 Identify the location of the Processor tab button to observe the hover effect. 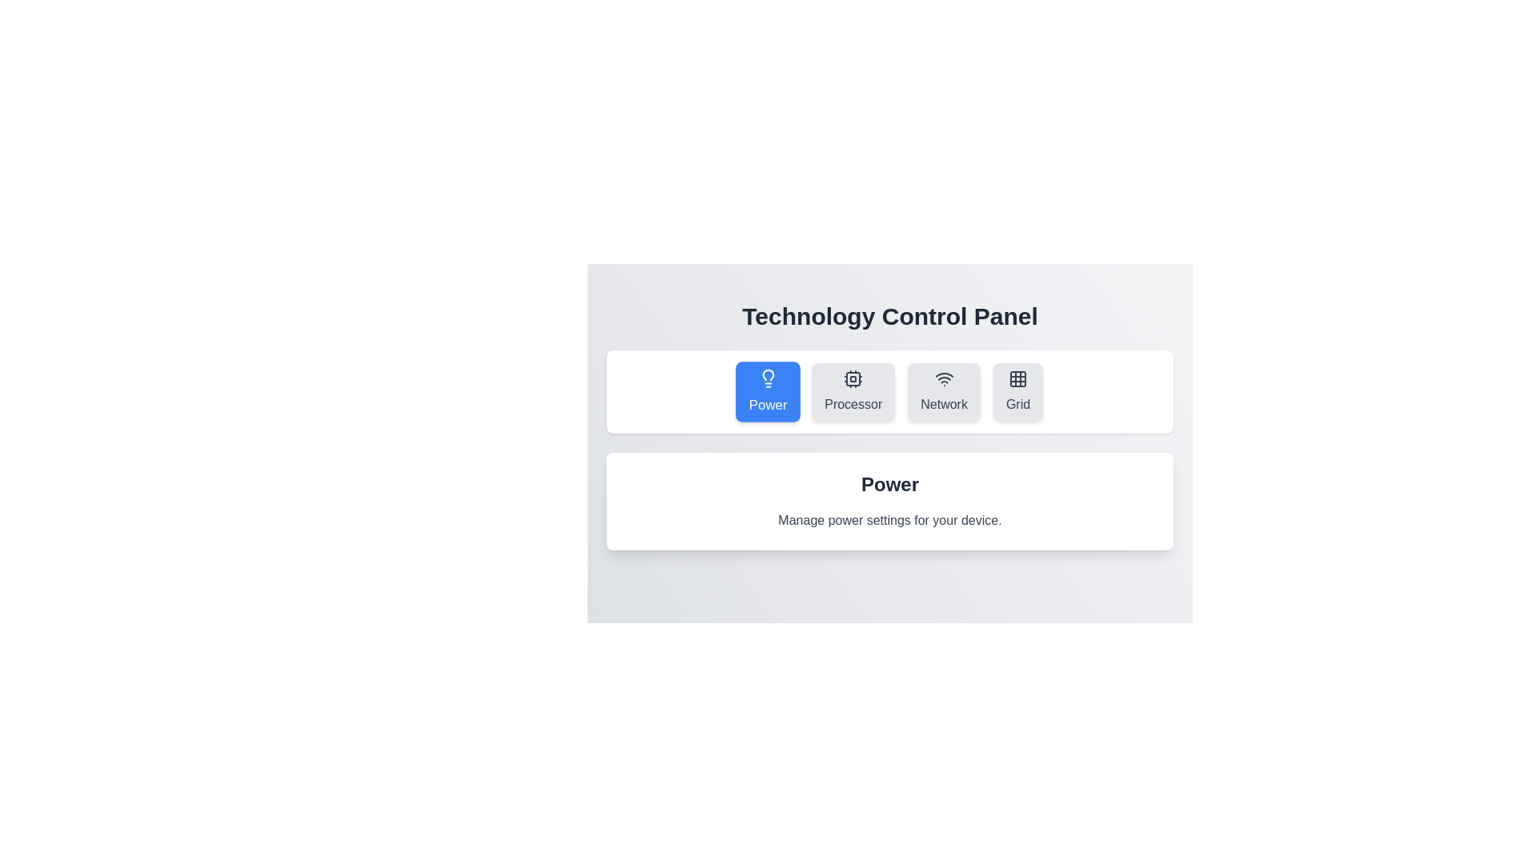
(853, 391).